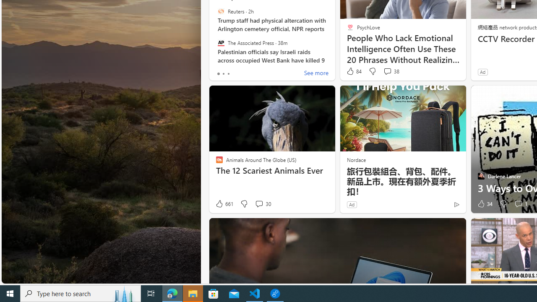 The image size is (537, 302). Describe the element at coordinates (387, 70) in the screenshot. I see `'View comments 38 Comment'` at that location.